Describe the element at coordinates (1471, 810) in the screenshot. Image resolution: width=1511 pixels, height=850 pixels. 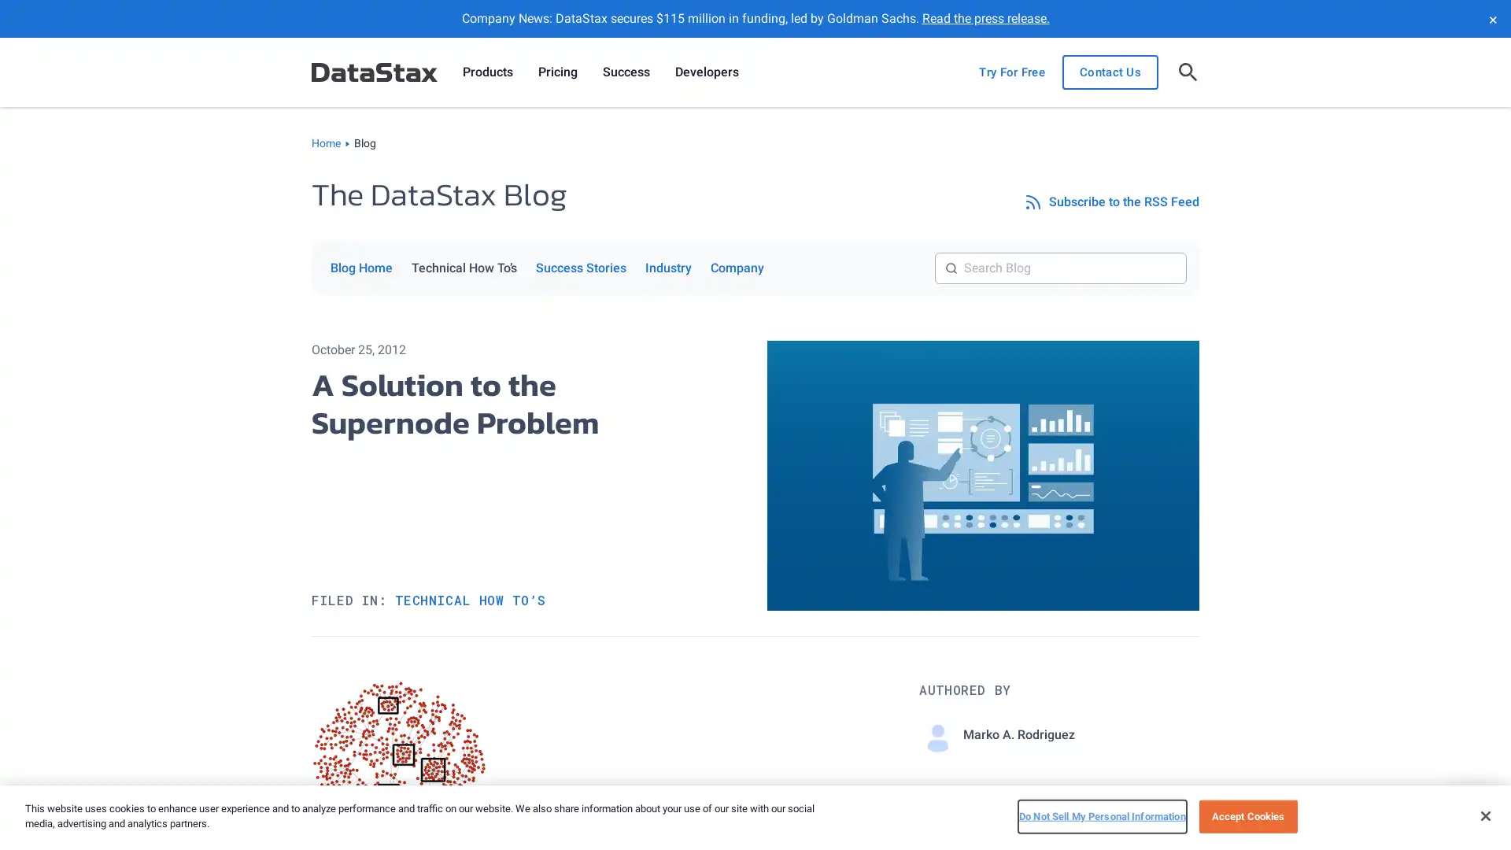
I see `Open Intercom Messenger` at that location.